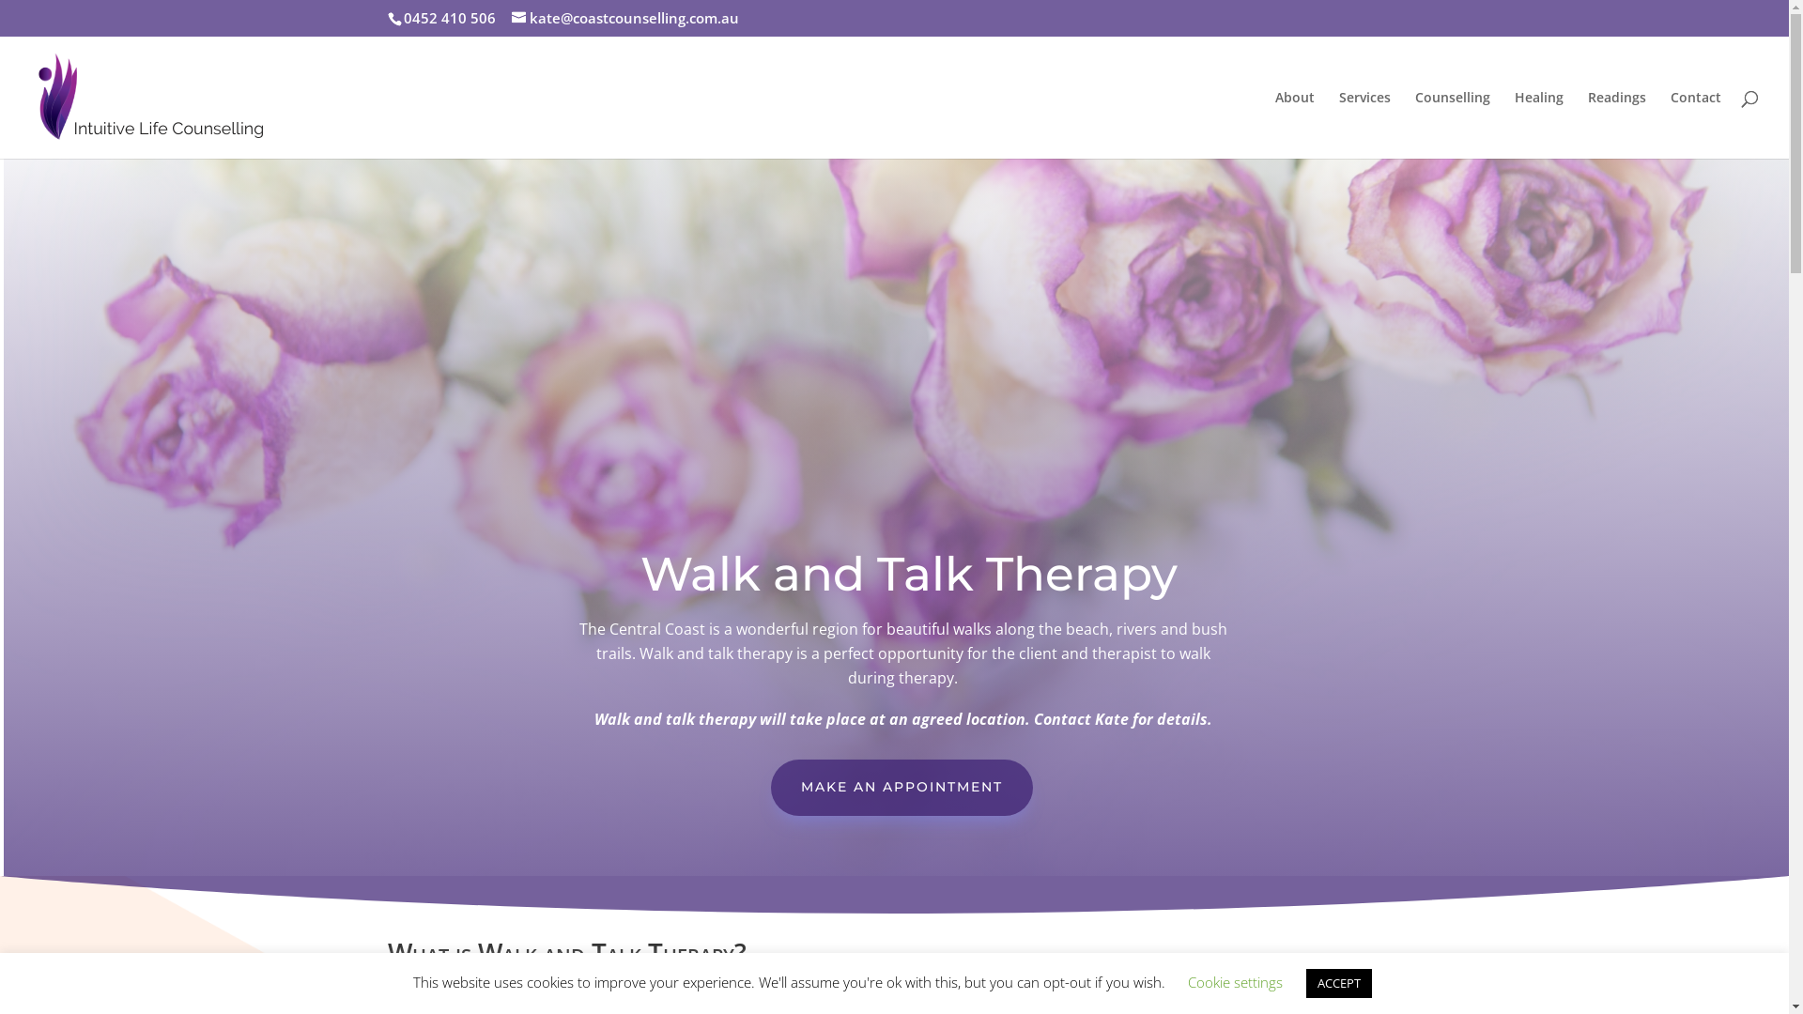  What do you see at coordinates (1337, 982) in the screenshot?
I see `'ACCEPT'` at bounding box center [1337, 982].